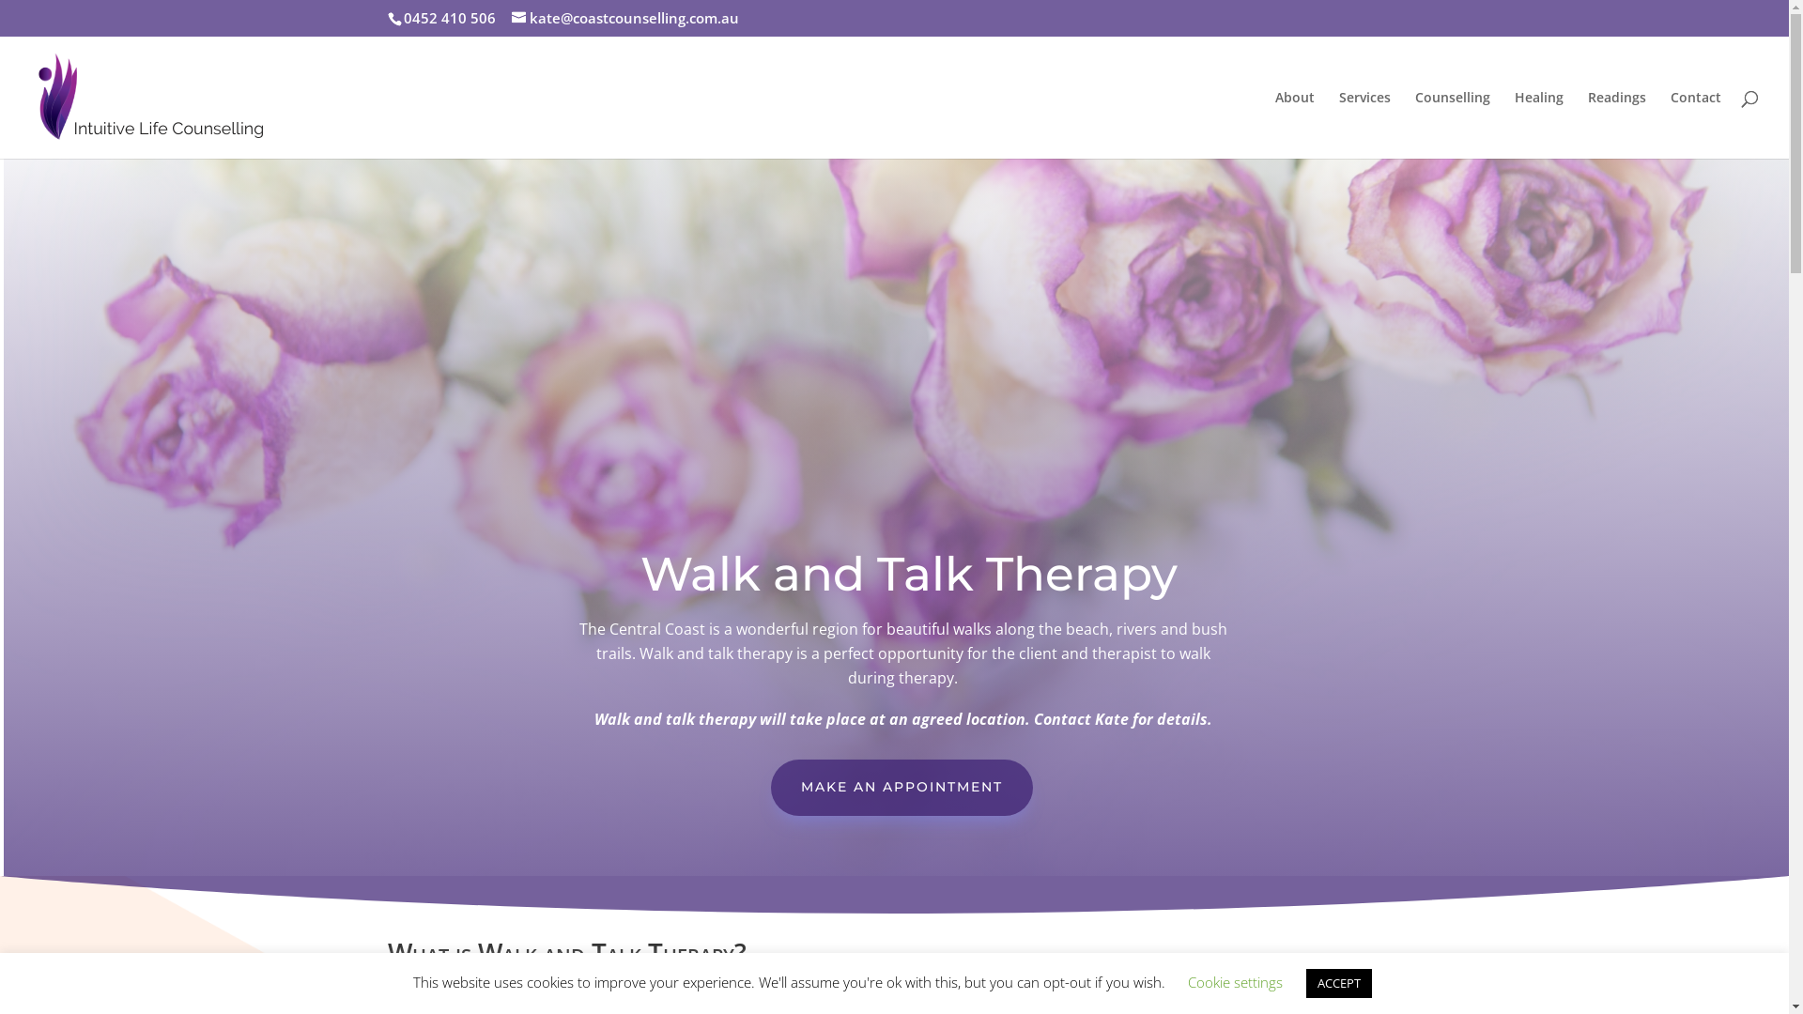  What do you see at coordinates (1337, 982) in the screenshot?
I see `'ACCEPT'` at bounding box center [1337, 982].